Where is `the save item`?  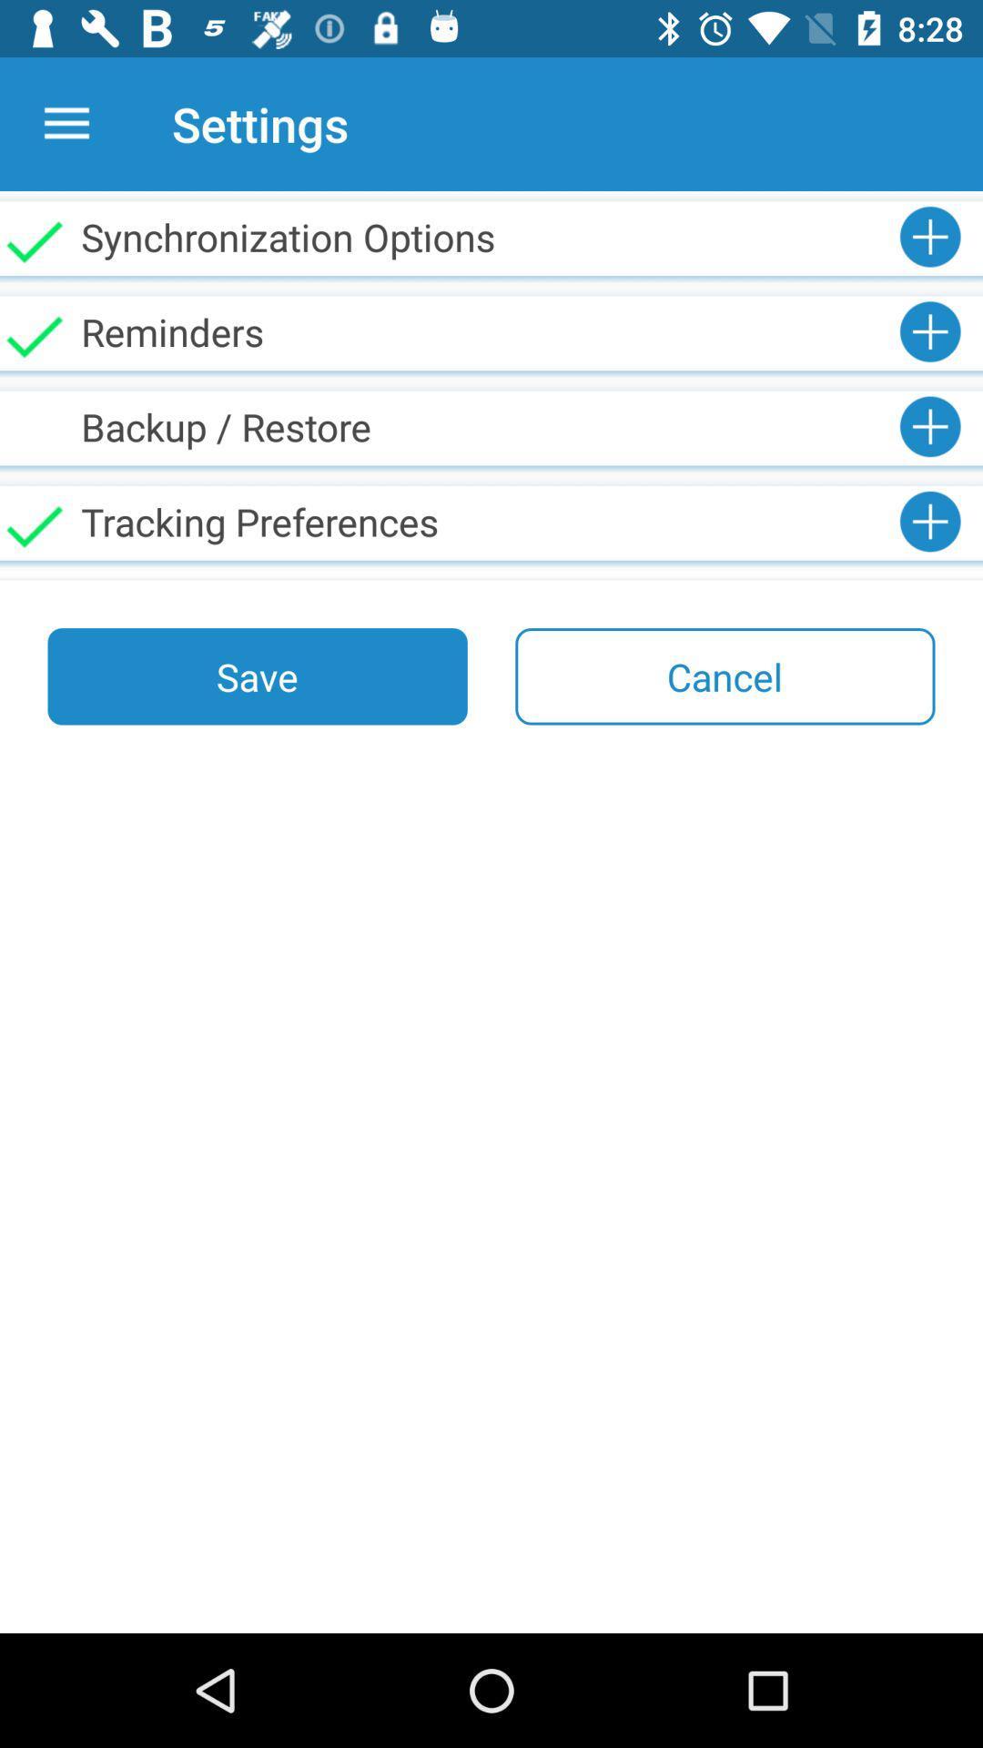 the save item is located at coordinates (258, 676).